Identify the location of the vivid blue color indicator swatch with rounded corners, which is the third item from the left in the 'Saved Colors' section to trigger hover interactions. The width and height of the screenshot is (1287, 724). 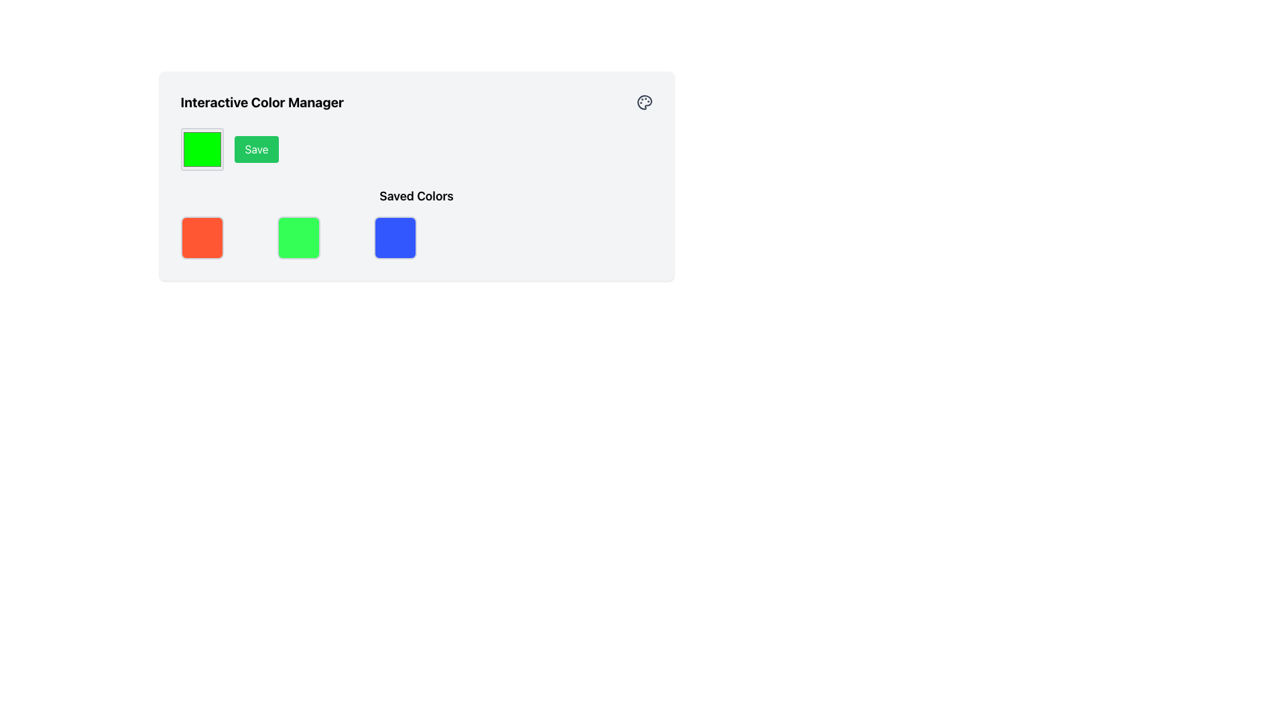
(416, 237).